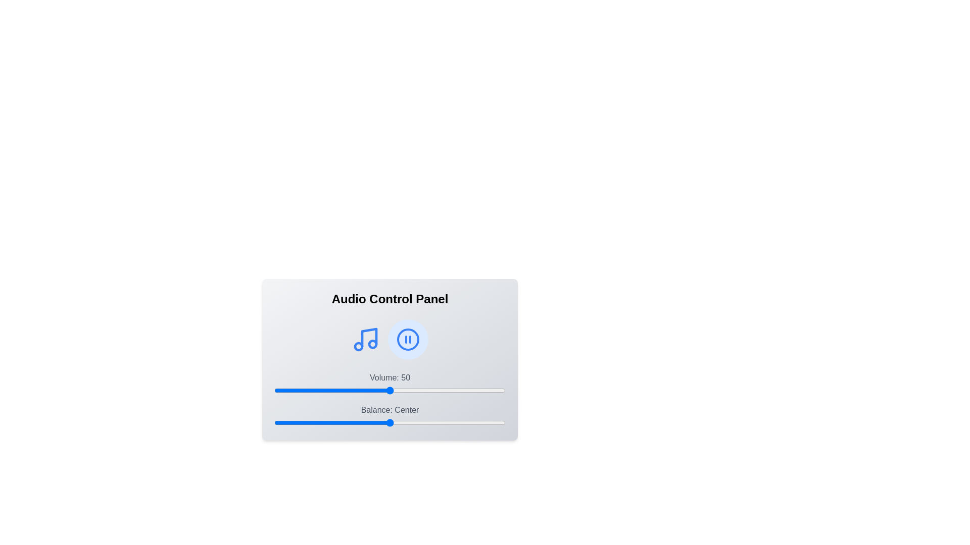 The width and height of the screenshot is (970, 545). I want to click on the slider value, so click(466, 390).